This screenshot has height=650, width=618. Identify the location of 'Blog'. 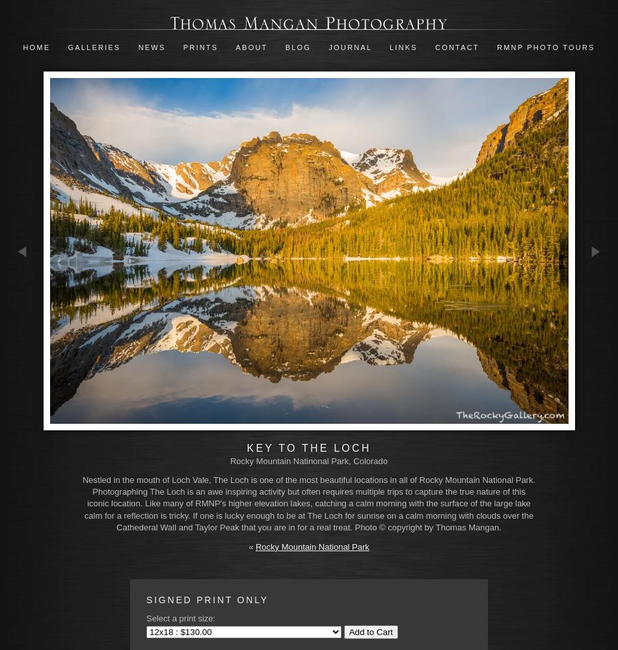
(297, 47).